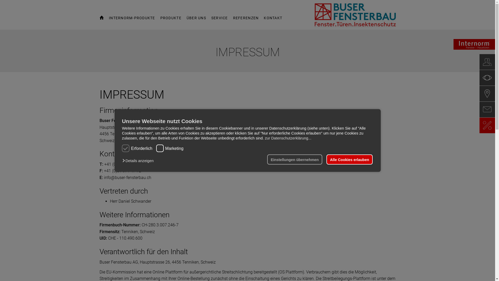 This screenshot has height=281, width=499. Describe the element at coordinates (349, 159) in the screenshot. I see `'Alle Cookies erlauben'` at that location.